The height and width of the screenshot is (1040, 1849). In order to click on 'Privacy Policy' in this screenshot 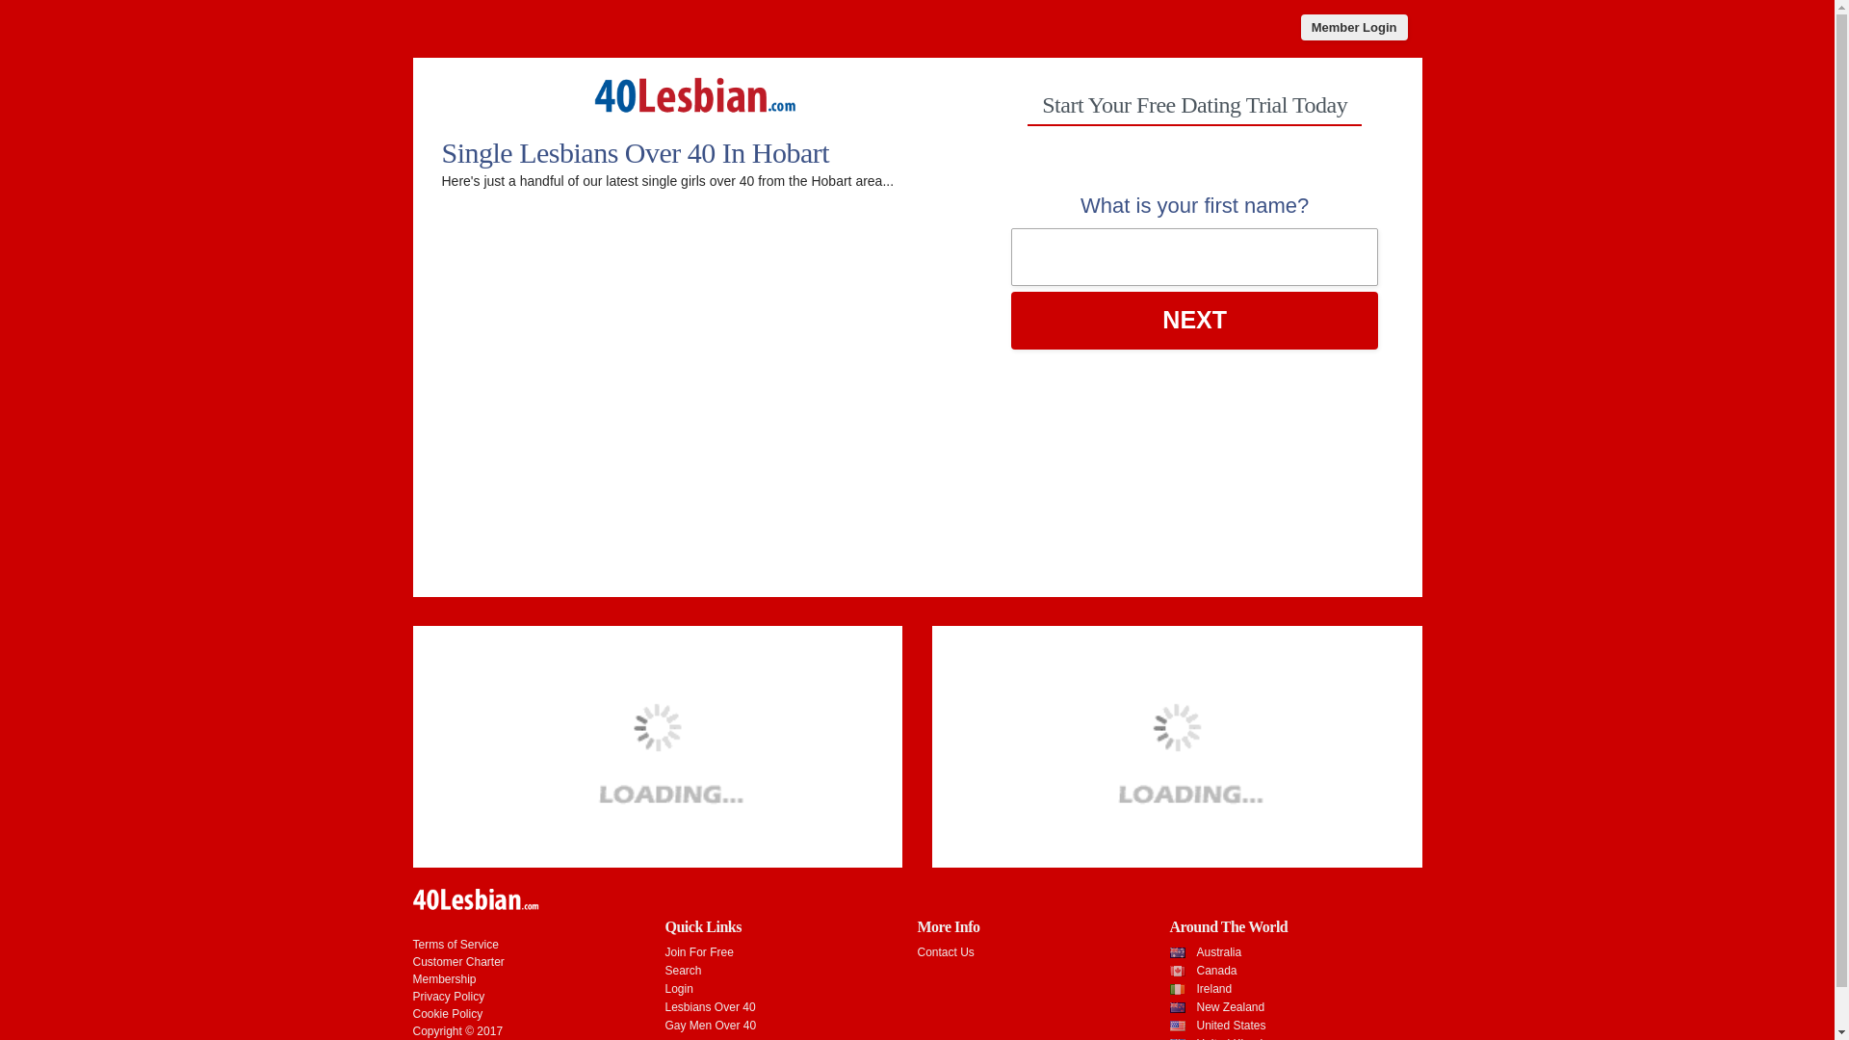, I will do `click(410, 996)`.